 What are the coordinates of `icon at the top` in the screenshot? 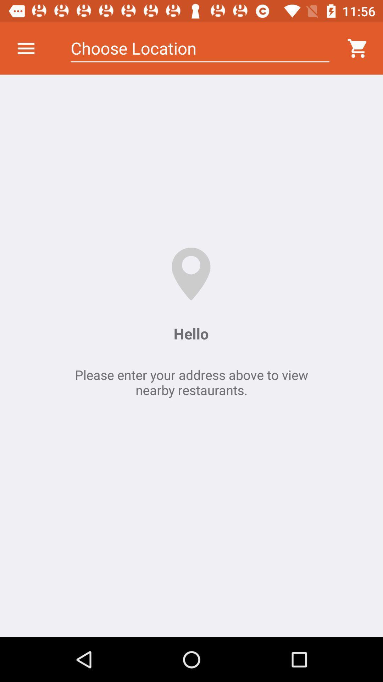 It's located at (200, 48).